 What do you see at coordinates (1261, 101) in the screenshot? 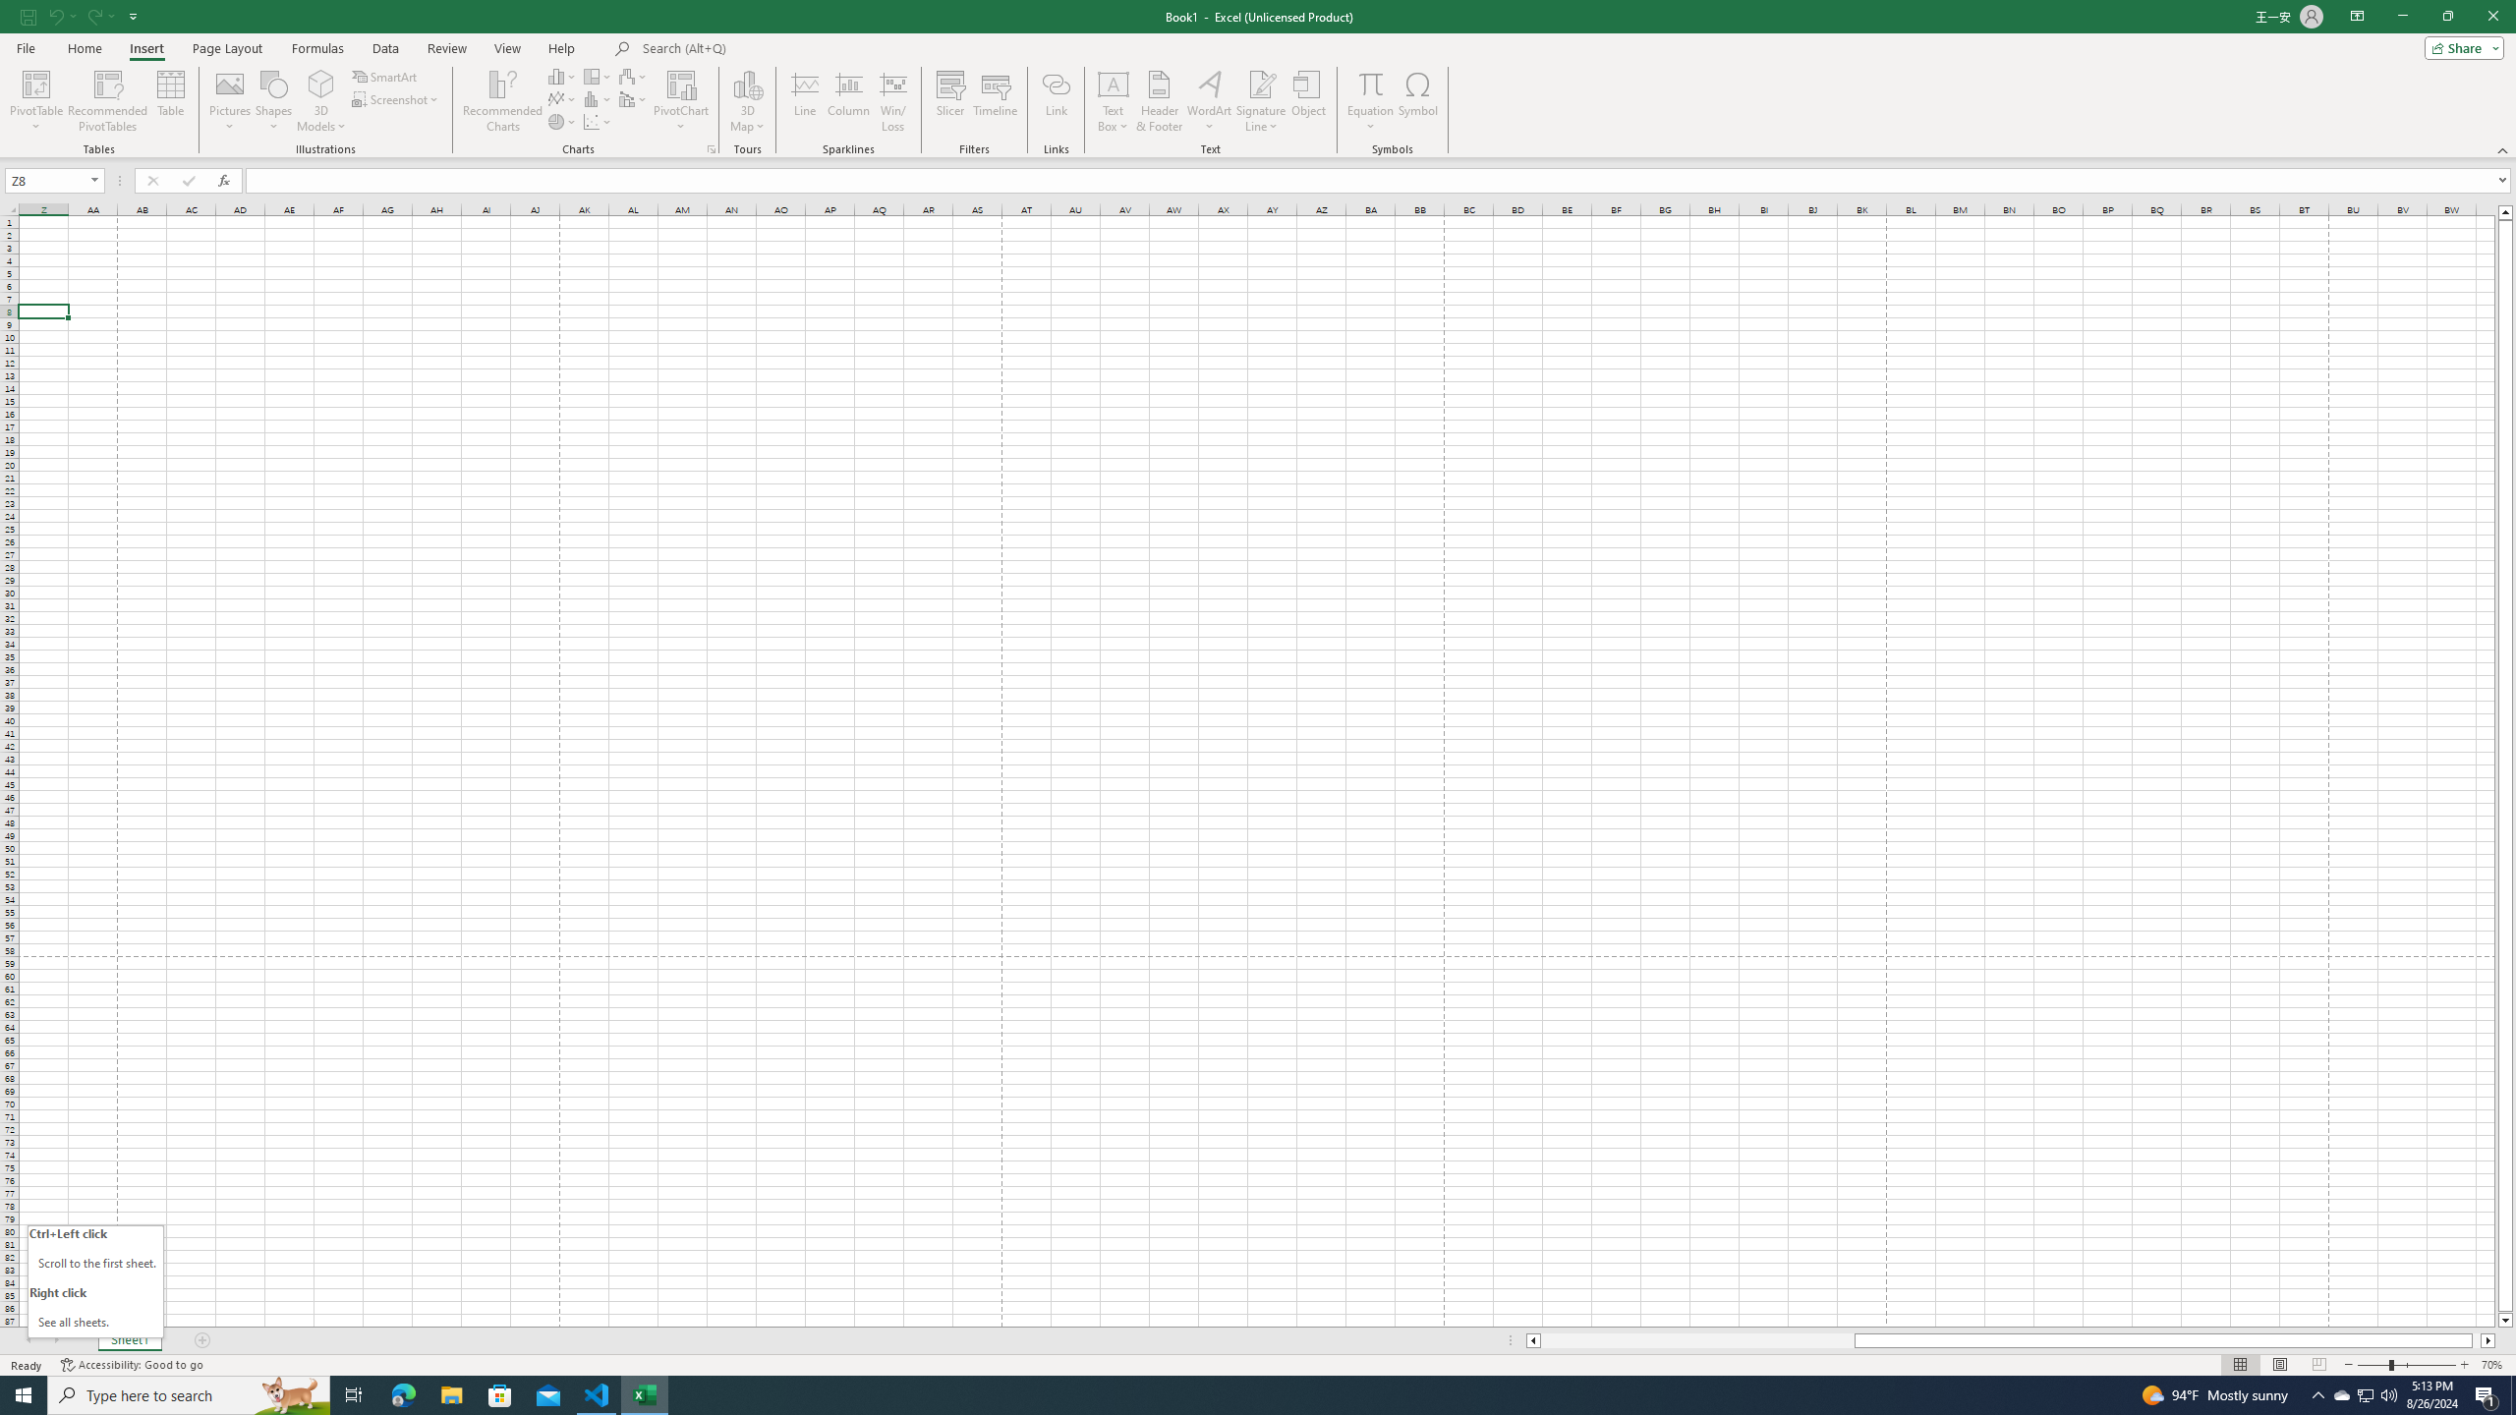
I see `'Signature Line'` at bounding box center [1261, 101].